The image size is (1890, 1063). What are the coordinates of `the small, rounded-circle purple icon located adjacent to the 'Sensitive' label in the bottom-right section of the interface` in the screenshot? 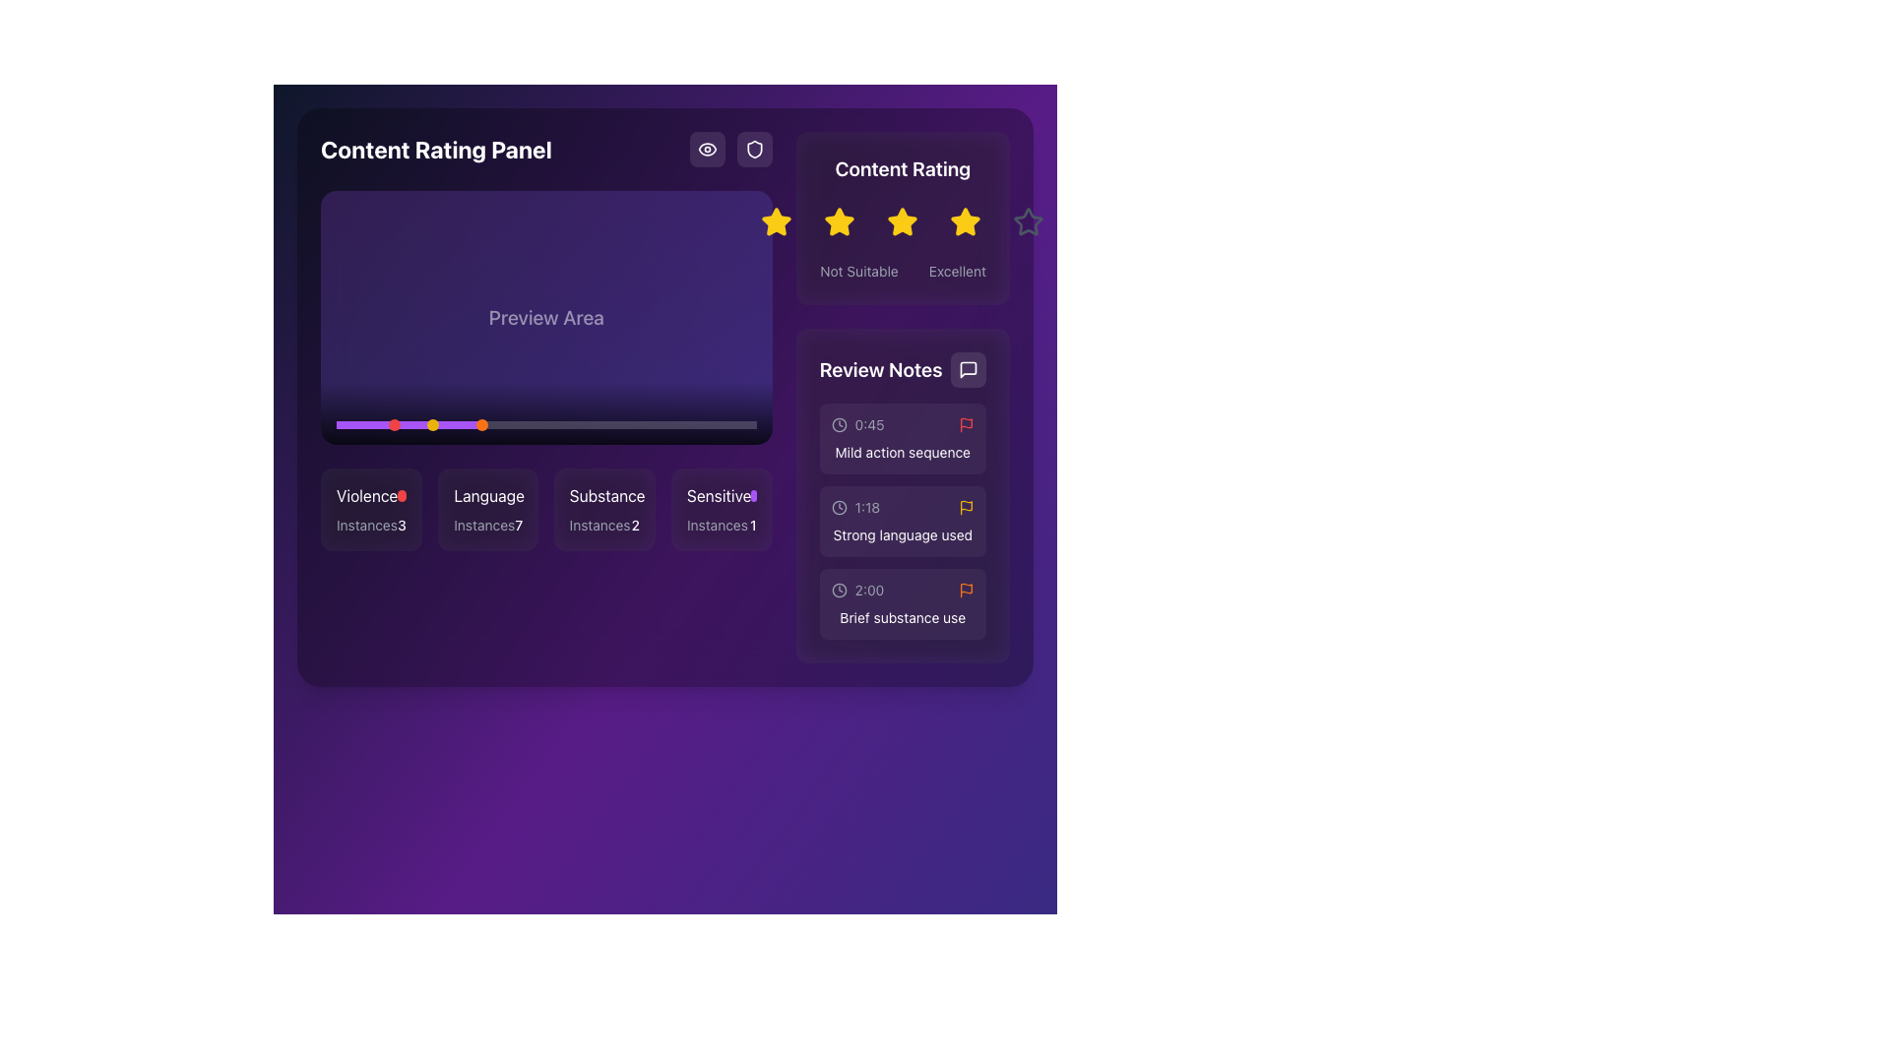 It's located at (753, 494).